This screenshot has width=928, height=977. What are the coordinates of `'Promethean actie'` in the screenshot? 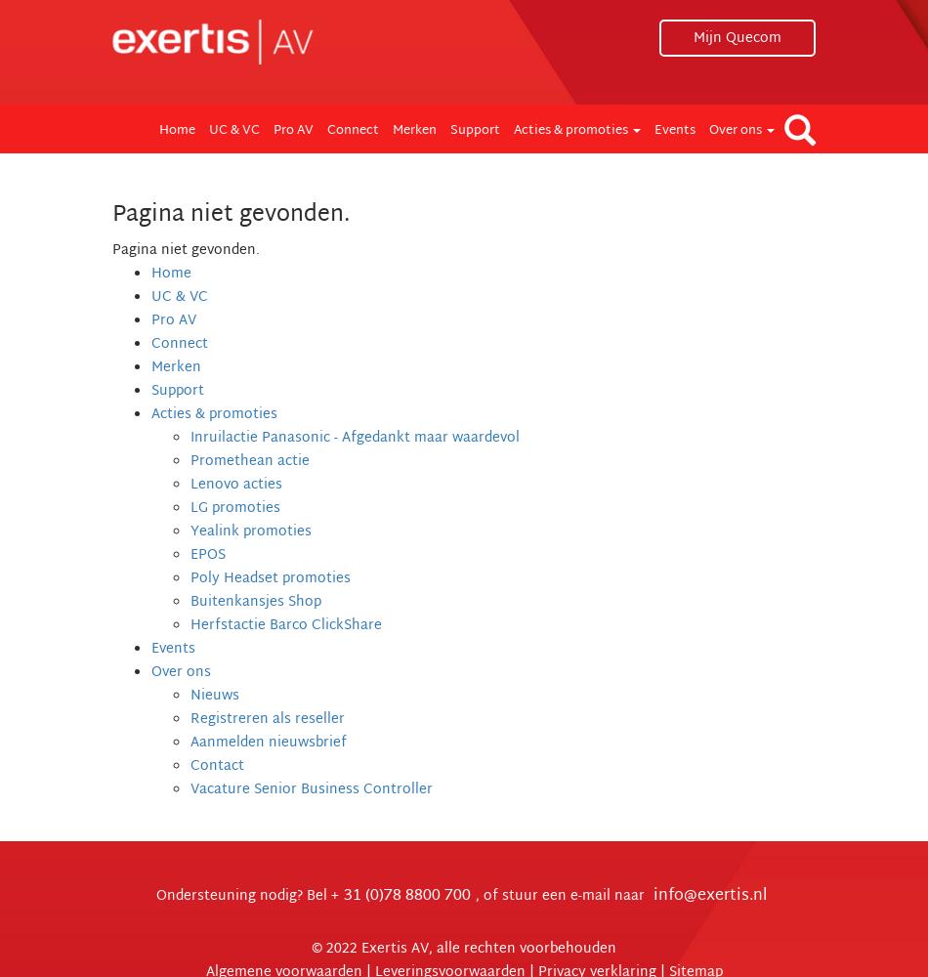 It's located at (249, 460).